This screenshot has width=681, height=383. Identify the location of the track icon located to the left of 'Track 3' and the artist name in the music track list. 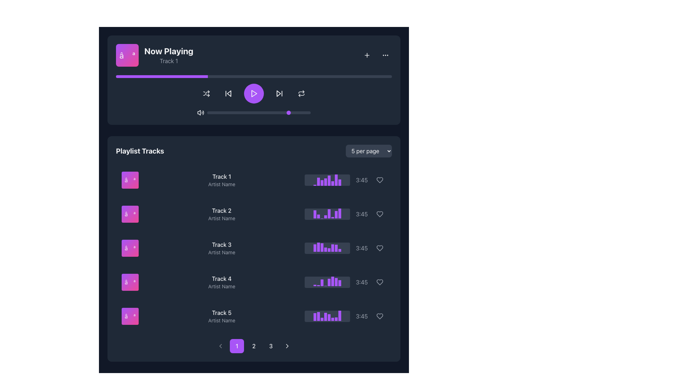
(130, 248).